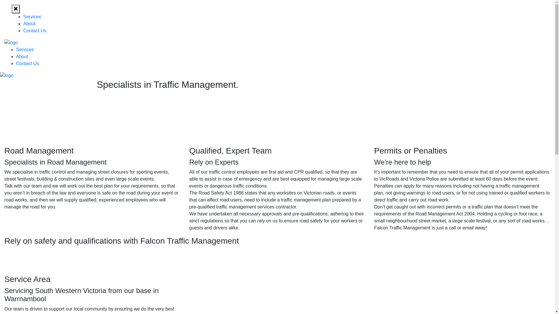  Describe the element at coordinates (23, 23) in the screenshot. I see `'About'` at that location.